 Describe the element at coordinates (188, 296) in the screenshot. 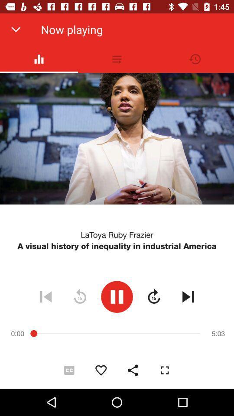

I see `the item below the a visual history` at that location.